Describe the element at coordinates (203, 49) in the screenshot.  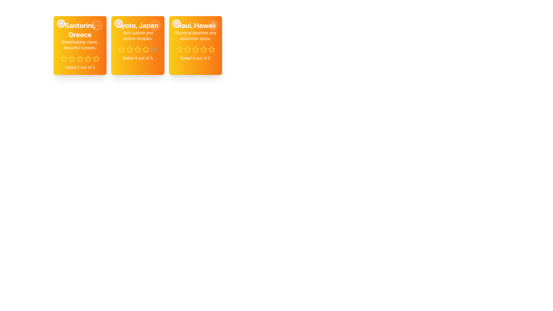
I see `the filled star icon representing the maximum rating in the five-star rating system for the 'Maui, Hawaii' card` at that location.